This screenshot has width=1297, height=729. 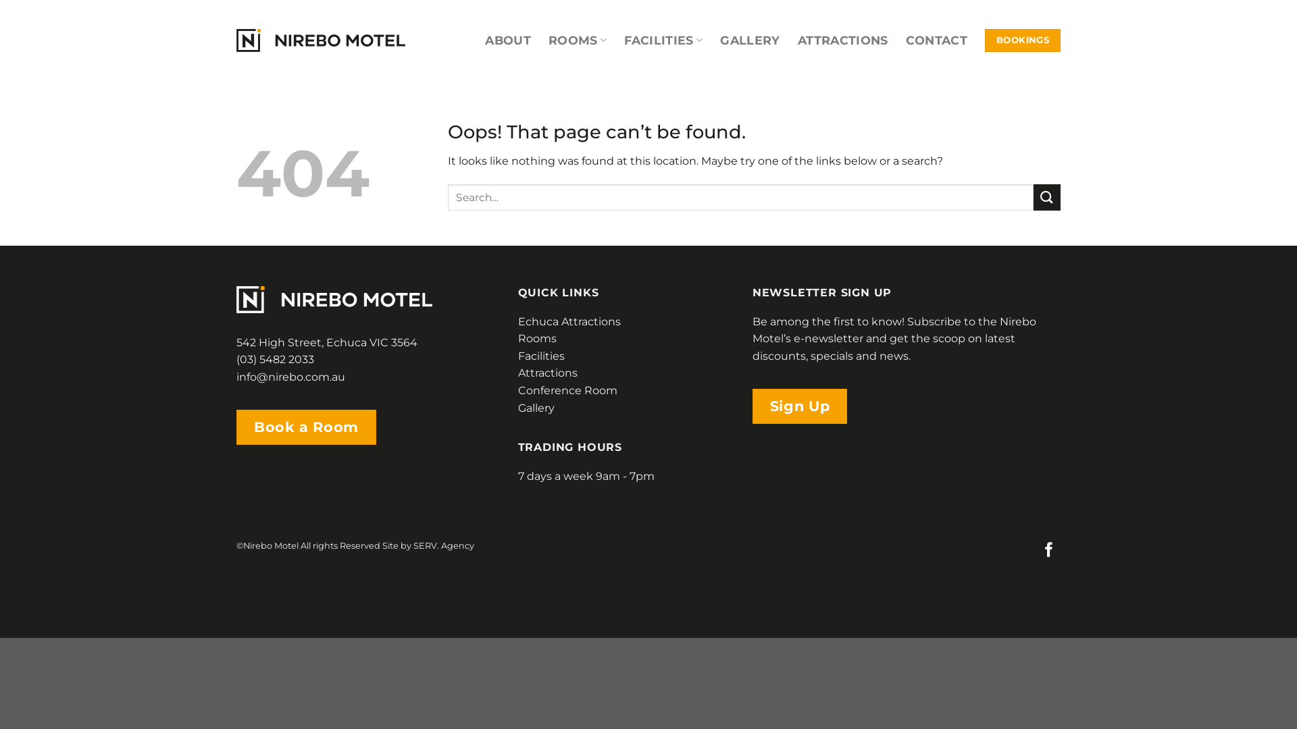 What do you see at coordinates (412, 545) in the screenshot?
I see `'SERV. Agency'` at bounding box center [412, 545].